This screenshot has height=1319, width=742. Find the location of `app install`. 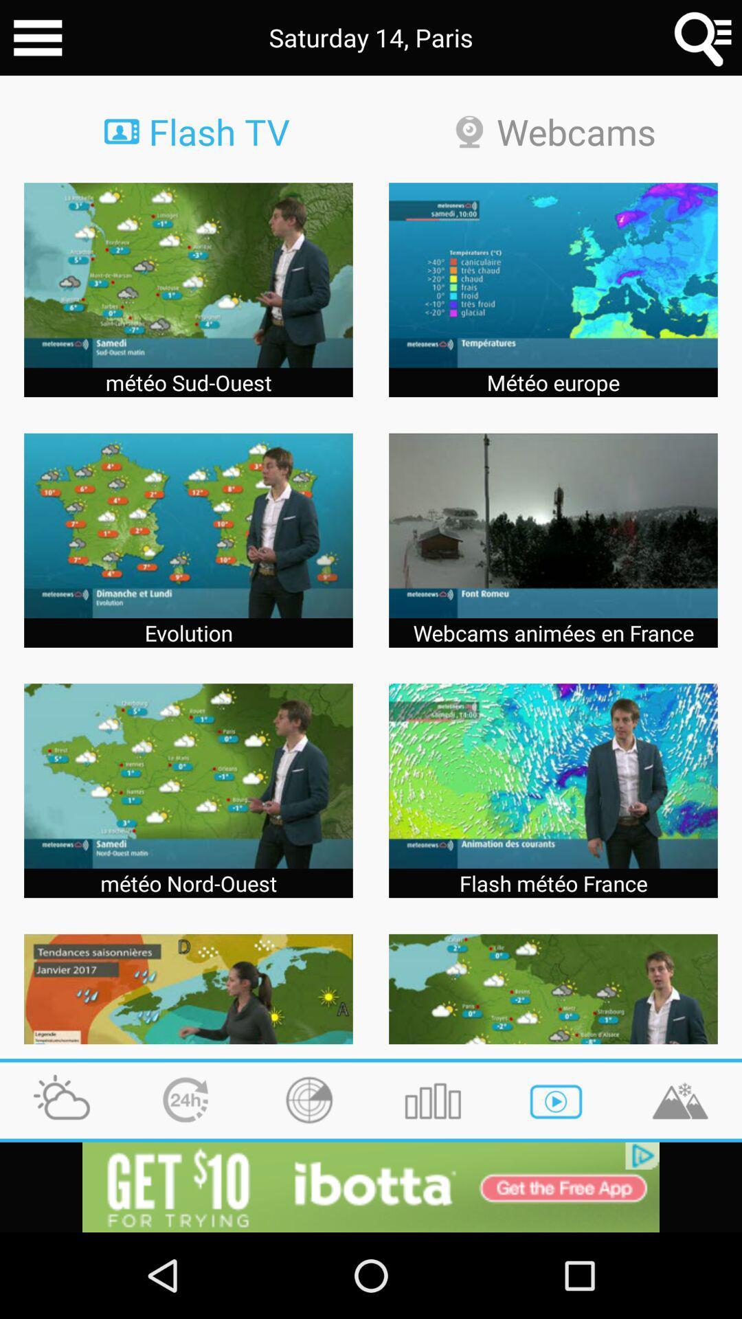

app install is located at coordinates (371, 1186).